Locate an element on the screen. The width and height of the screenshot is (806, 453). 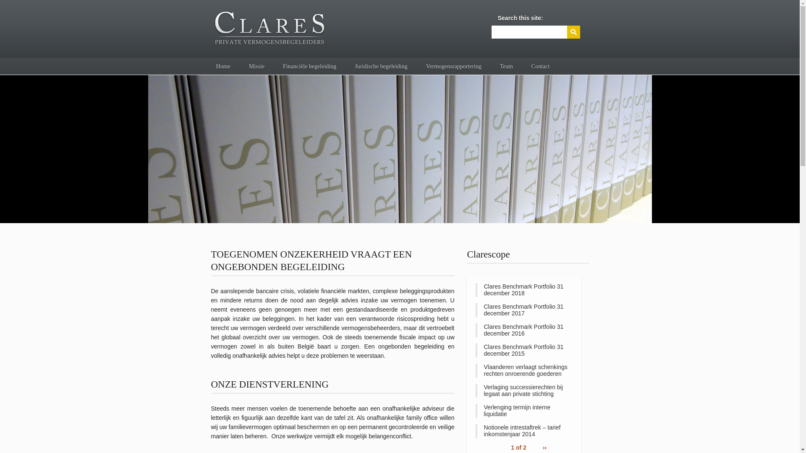
'Clares Benchmark Portfolio 31 december 2016' is located at coordinates (523, 330).